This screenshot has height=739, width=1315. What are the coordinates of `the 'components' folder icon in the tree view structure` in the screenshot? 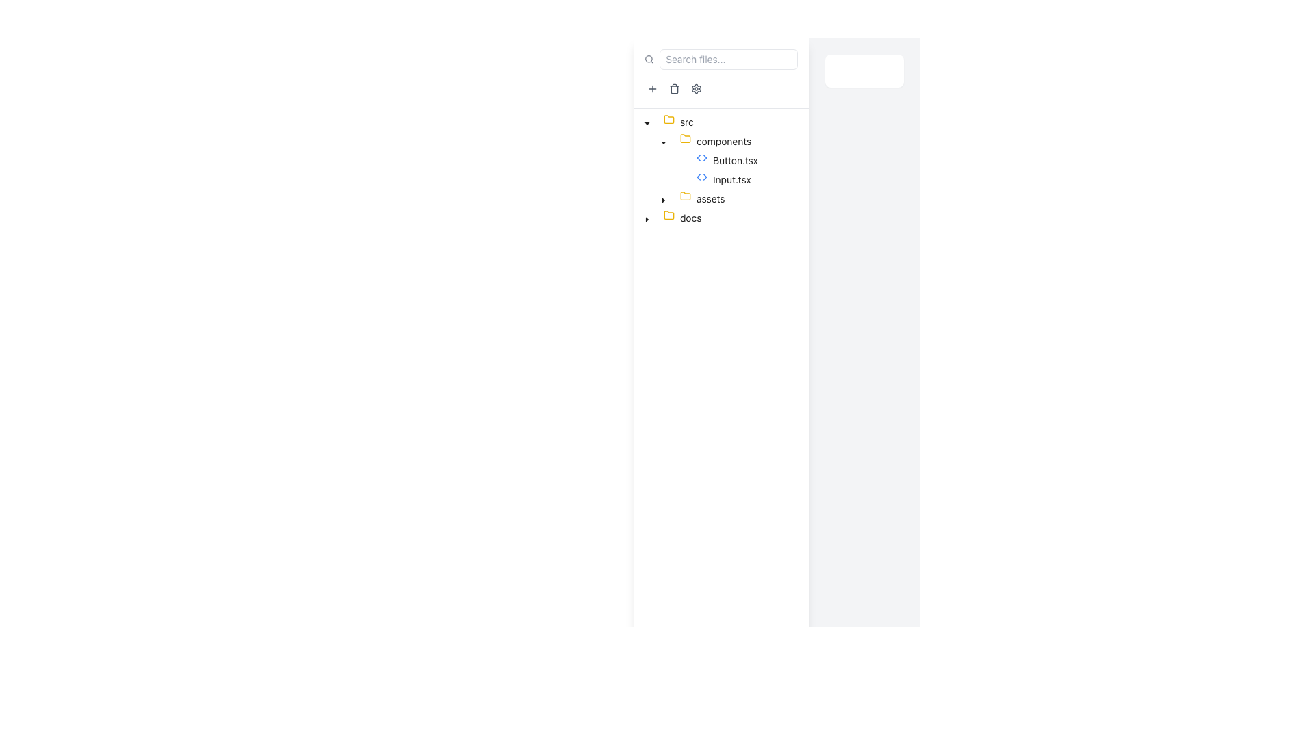 It's located at (702, 176).